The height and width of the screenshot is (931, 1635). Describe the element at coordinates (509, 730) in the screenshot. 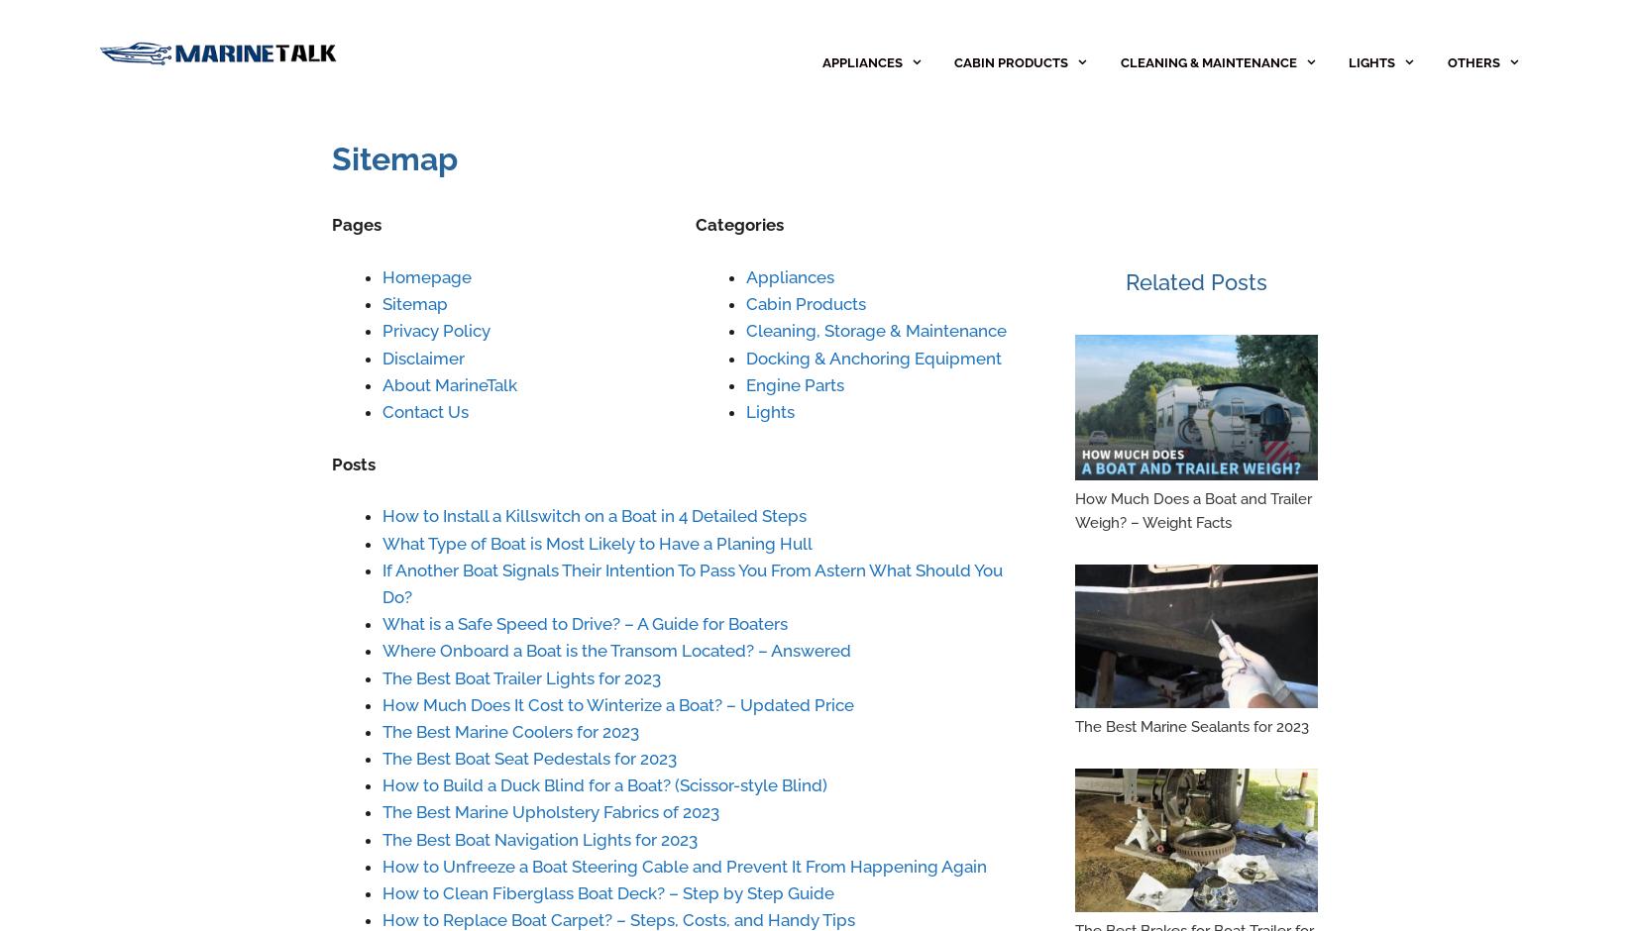

I see `'The Best Marine Coolers for 2023'` at that location.